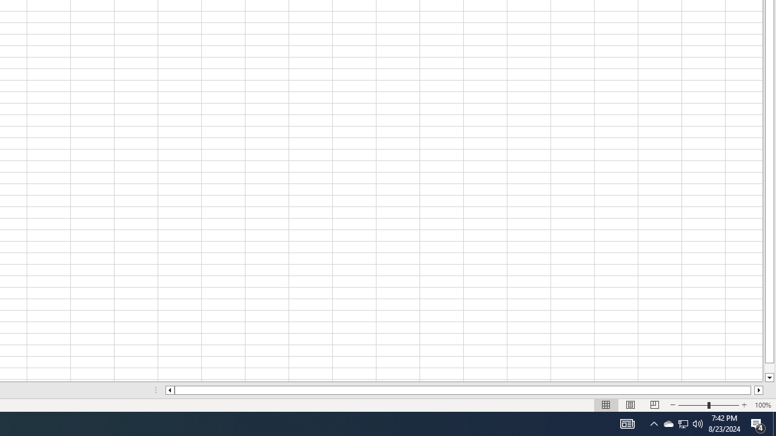 This screenshot has width=776, height=436. I want to click on 'Zoom Out', so click(693, 405).